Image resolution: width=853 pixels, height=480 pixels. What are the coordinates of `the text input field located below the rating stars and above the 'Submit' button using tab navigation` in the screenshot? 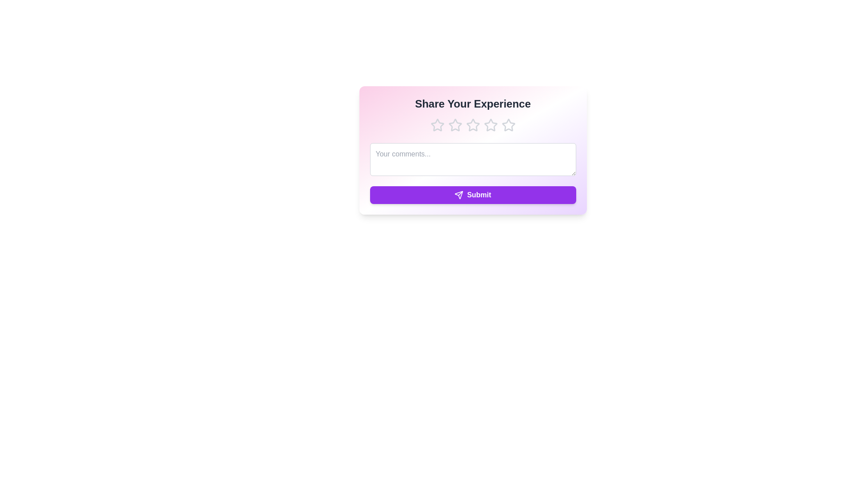 It's located at (472, 161).